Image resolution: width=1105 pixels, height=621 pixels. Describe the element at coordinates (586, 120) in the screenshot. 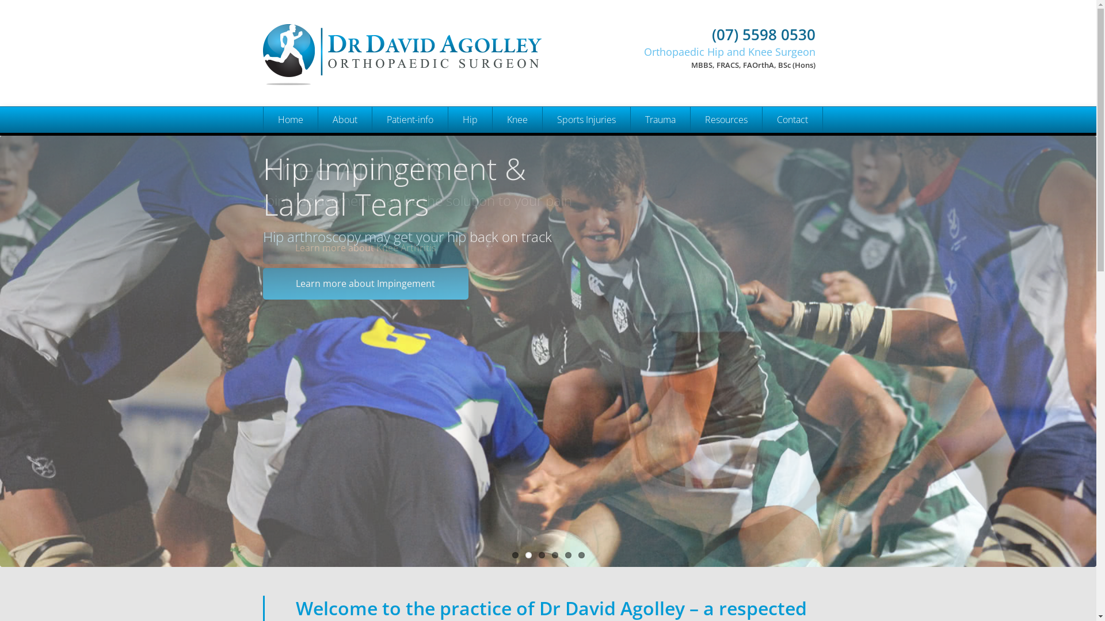

I see `'Sports Injuries'` at that location.